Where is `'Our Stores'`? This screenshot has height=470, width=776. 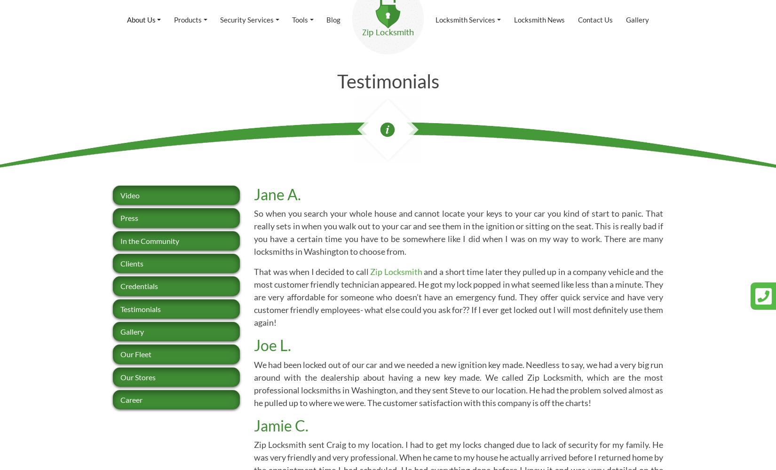 'Our Stores' is located at coordinates (138, 376).